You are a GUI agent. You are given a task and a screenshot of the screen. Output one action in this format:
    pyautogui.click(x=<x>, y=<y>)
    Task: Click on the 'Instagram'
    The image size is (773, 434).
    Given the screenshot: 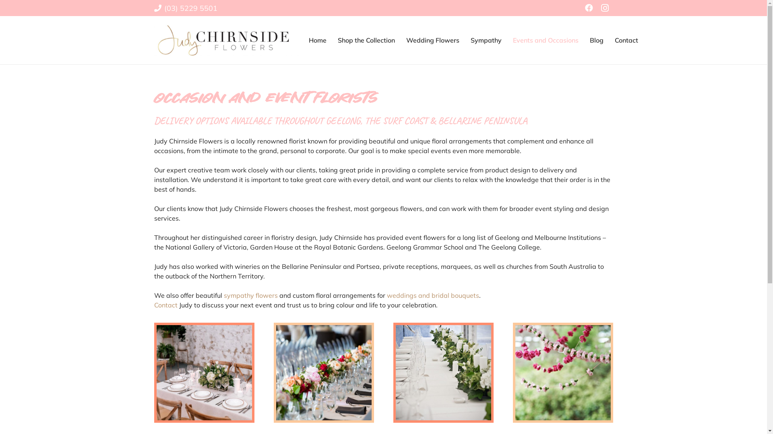 What is the action you would take?
    pyautogui.click(x=597, y=8)
    